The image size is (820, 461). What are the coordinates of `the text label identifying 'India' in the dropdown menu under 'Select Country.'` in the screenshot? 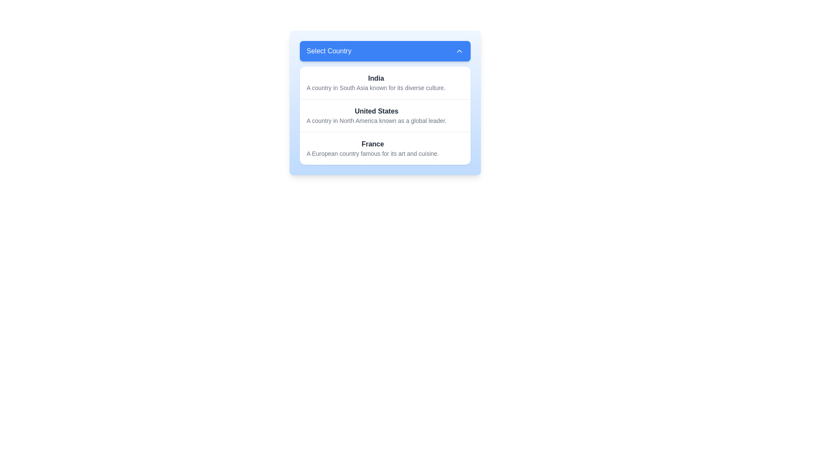 It's located at (376, 79).